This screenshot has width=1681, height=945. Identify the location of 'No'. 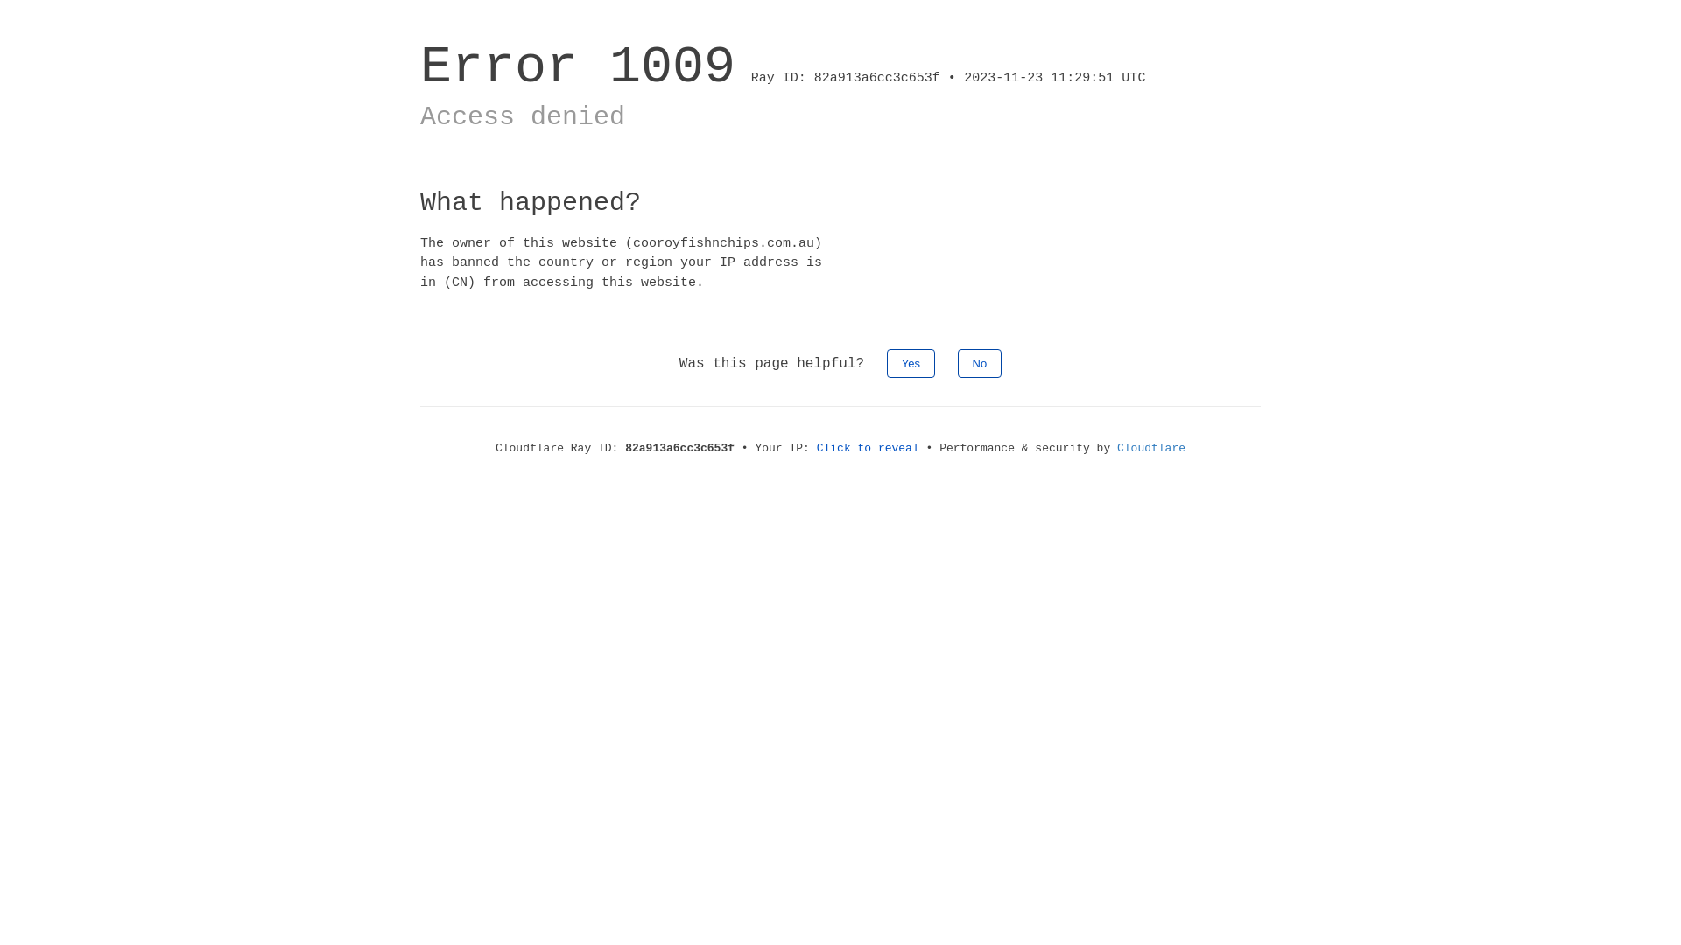
(979, 362).